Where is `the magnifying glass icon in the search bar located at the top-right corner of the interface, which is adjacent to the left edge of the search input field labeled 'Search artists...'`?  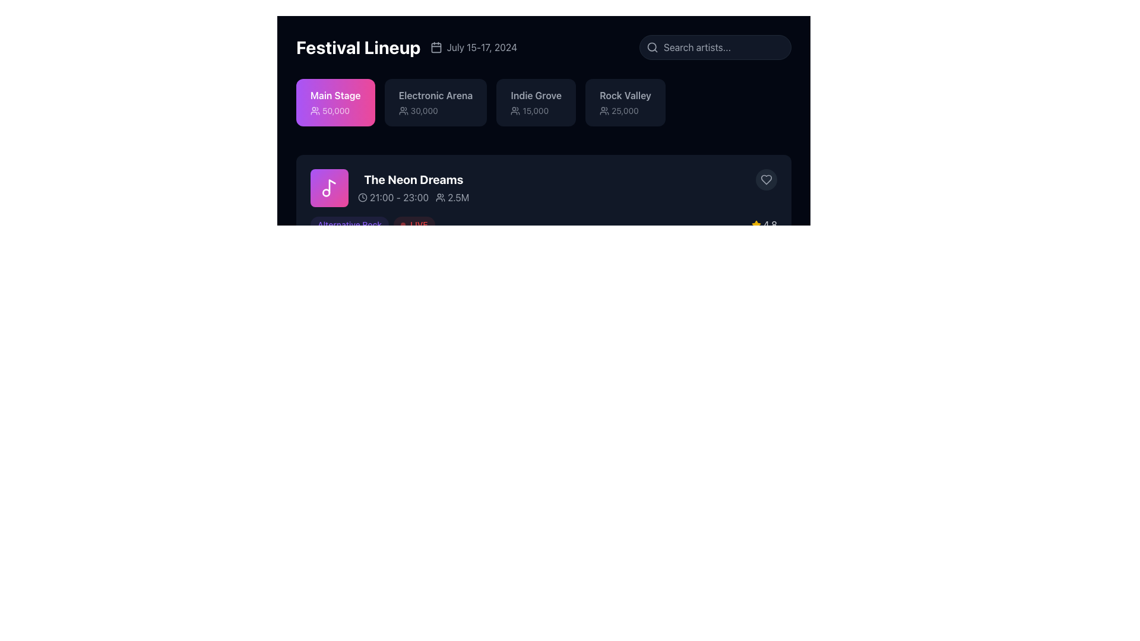
the magnifying glass icon in the search bar located at the top-right corner of the interface, which is adjacent to the left edge of the search input field labeled 'Search artists...' is located at coordinates (652, 47).